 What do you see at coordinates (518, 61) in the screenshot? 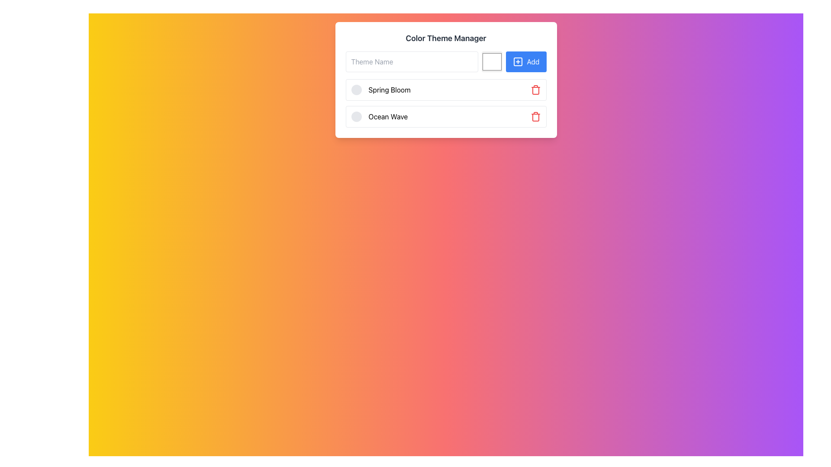
I see `the 'Add' button which contains a blue square icon with a white plus symbol in the center, located on the right side of the main panel` at bounding box center [518, 61].